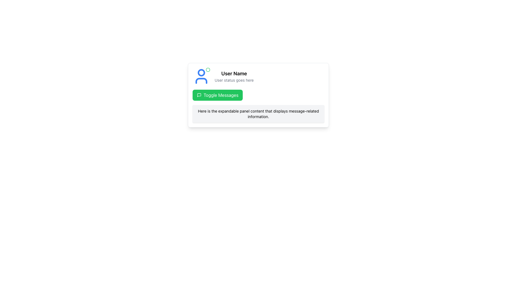 The height and width of the screenshot is (298, 529). What do you see at coordinates (199, 95) in the screenshot?
I see `the speech bubble icon located at the center of the green button labeled 'Toggle Messages'` at bounding box center [199, 95].